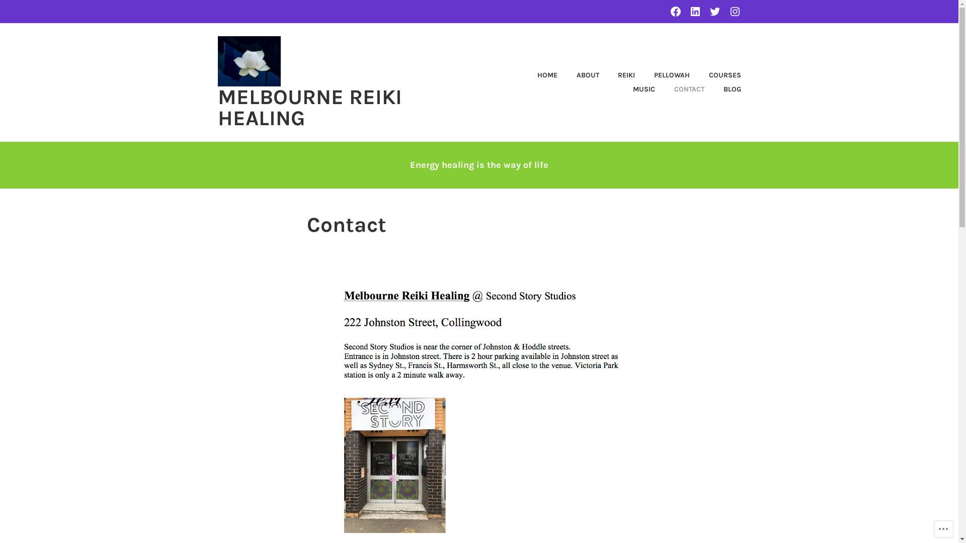 This screenshot has width=966, height=543. What do you see at coordinates (30, 12) in the screenshot?
I see `'Search'` at bounding box center [30, 12].